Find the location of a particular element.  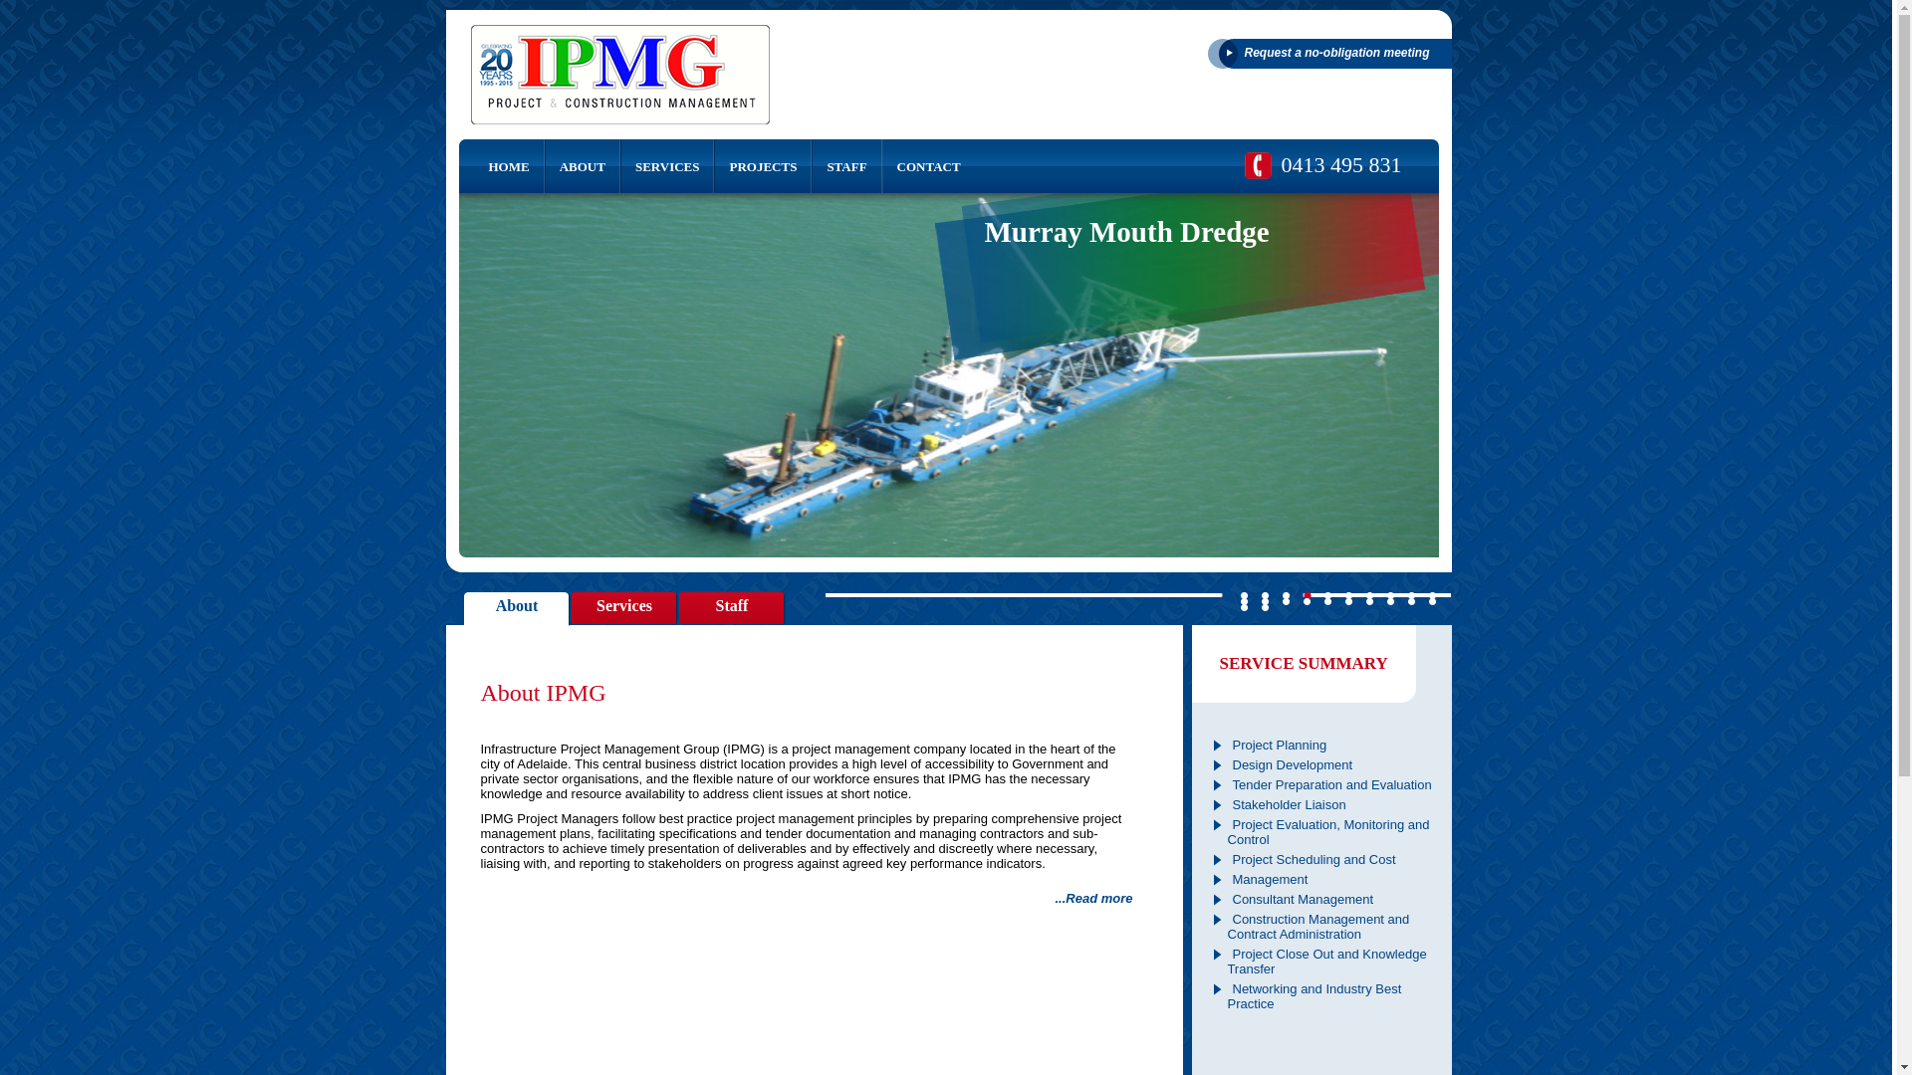

'3' is located at coordinates (1286, 593).